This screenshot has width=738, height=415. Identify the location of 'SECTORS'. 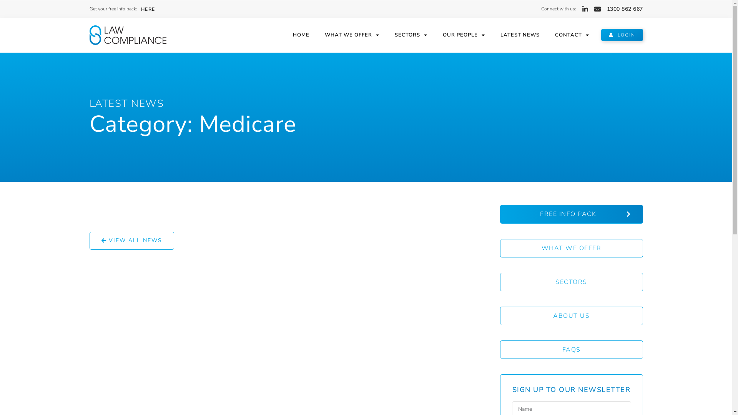
(411, 35).